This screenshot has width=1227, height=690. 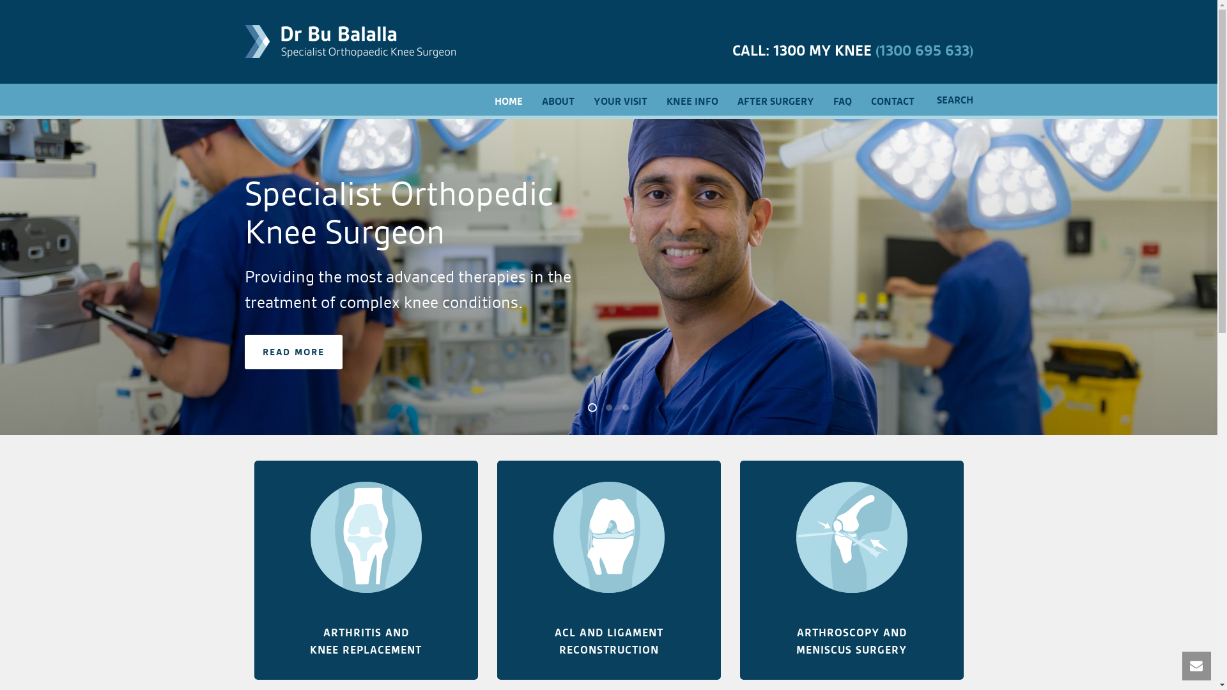 What do you see at coordinates (607, 537) in the screenshot?
I see `'ACL'` at bounding box center [607, 537].